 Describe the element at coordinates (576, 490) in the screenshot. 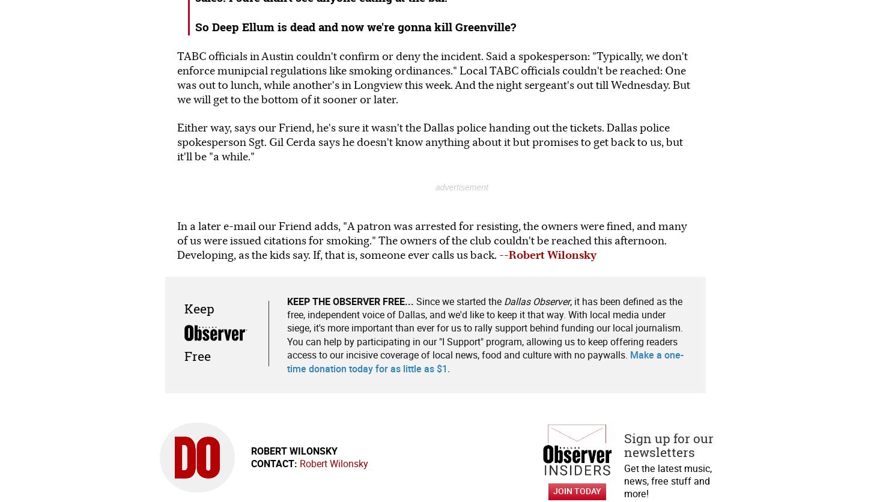

I see `'Join Today'` at that location.